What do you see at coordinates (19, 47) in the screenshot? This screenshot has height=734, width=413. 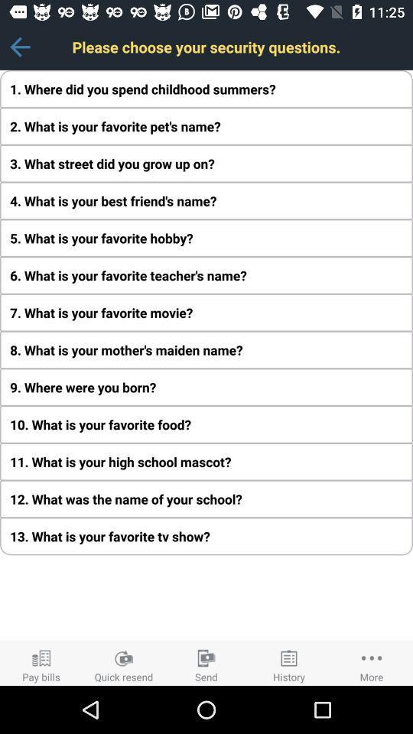 I see `app above the 1 where did` at bounding box center [19, 47].